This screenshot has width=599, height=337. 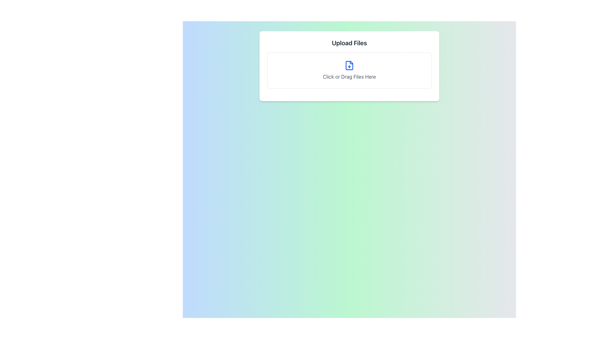 What do you see at coordinates (349, 70) in the screenshot?
I see `the File upload area located below the 'Upload Files' heading` at bounding box center [349, 70].